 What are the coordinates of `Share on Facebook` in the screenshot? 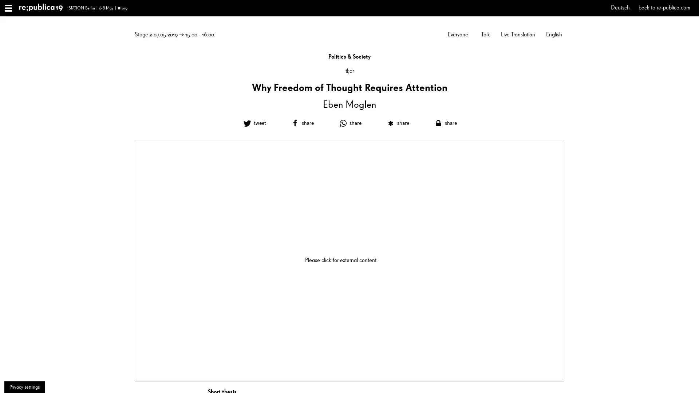 It's located at (301, 123).